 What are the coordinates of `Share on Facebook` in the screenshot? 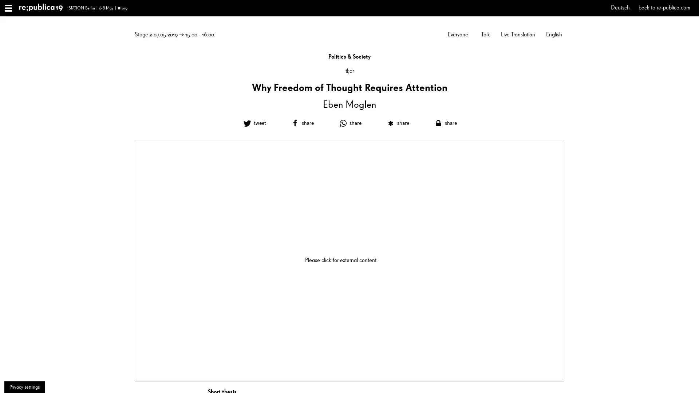 It's located at (301, 123).